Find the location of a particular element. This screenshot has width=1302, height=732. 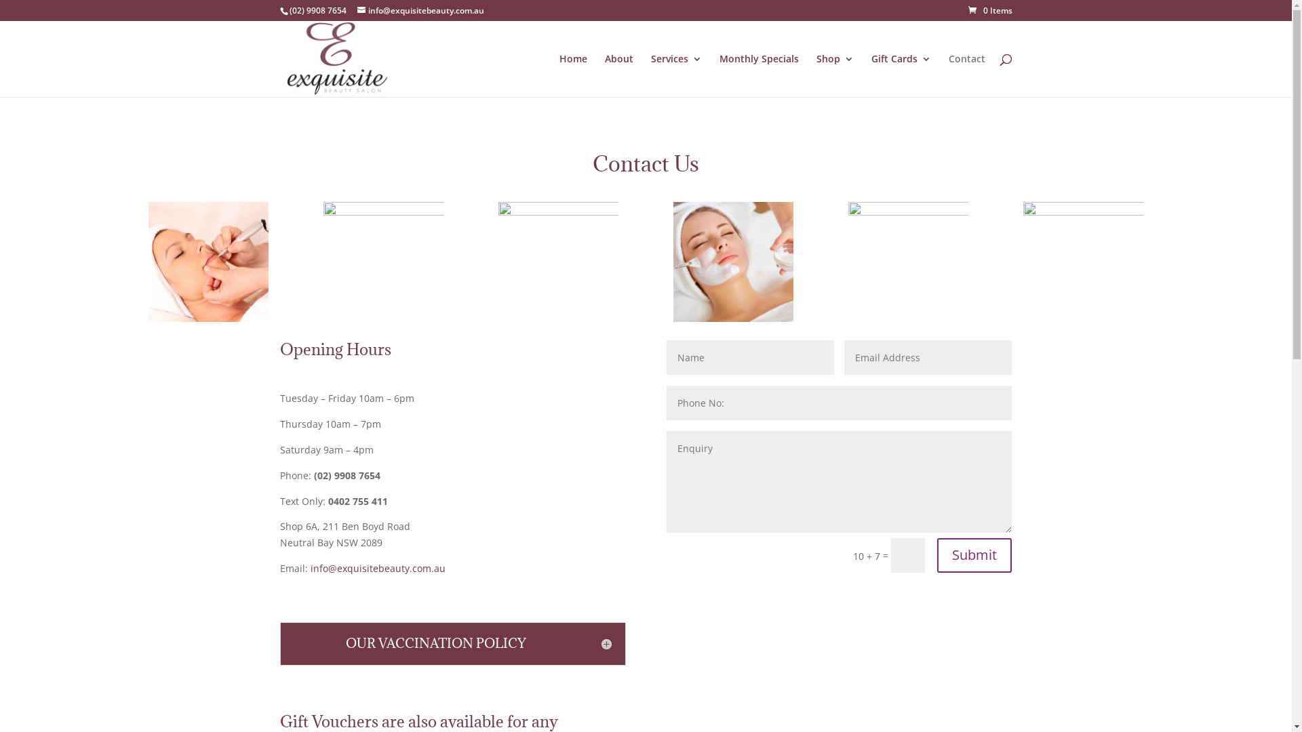

'Contact' is located at coordinates (966, 75).